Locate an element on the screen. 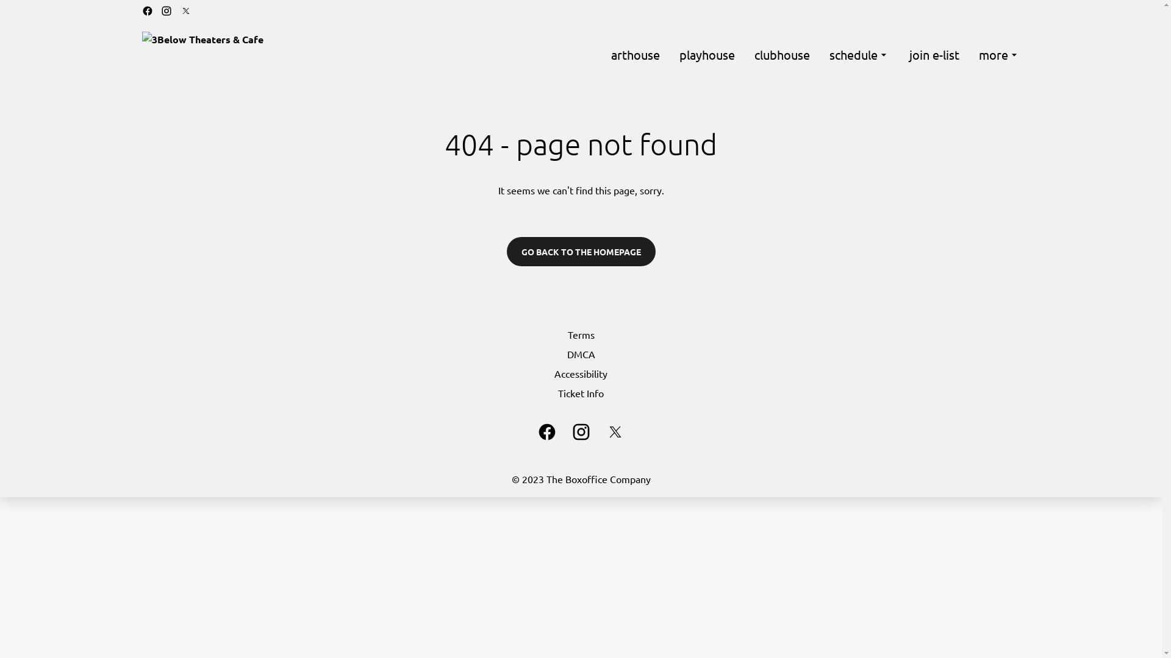 The image size is (1171, 658). 'Terms' is located at coordinates (579, 334).